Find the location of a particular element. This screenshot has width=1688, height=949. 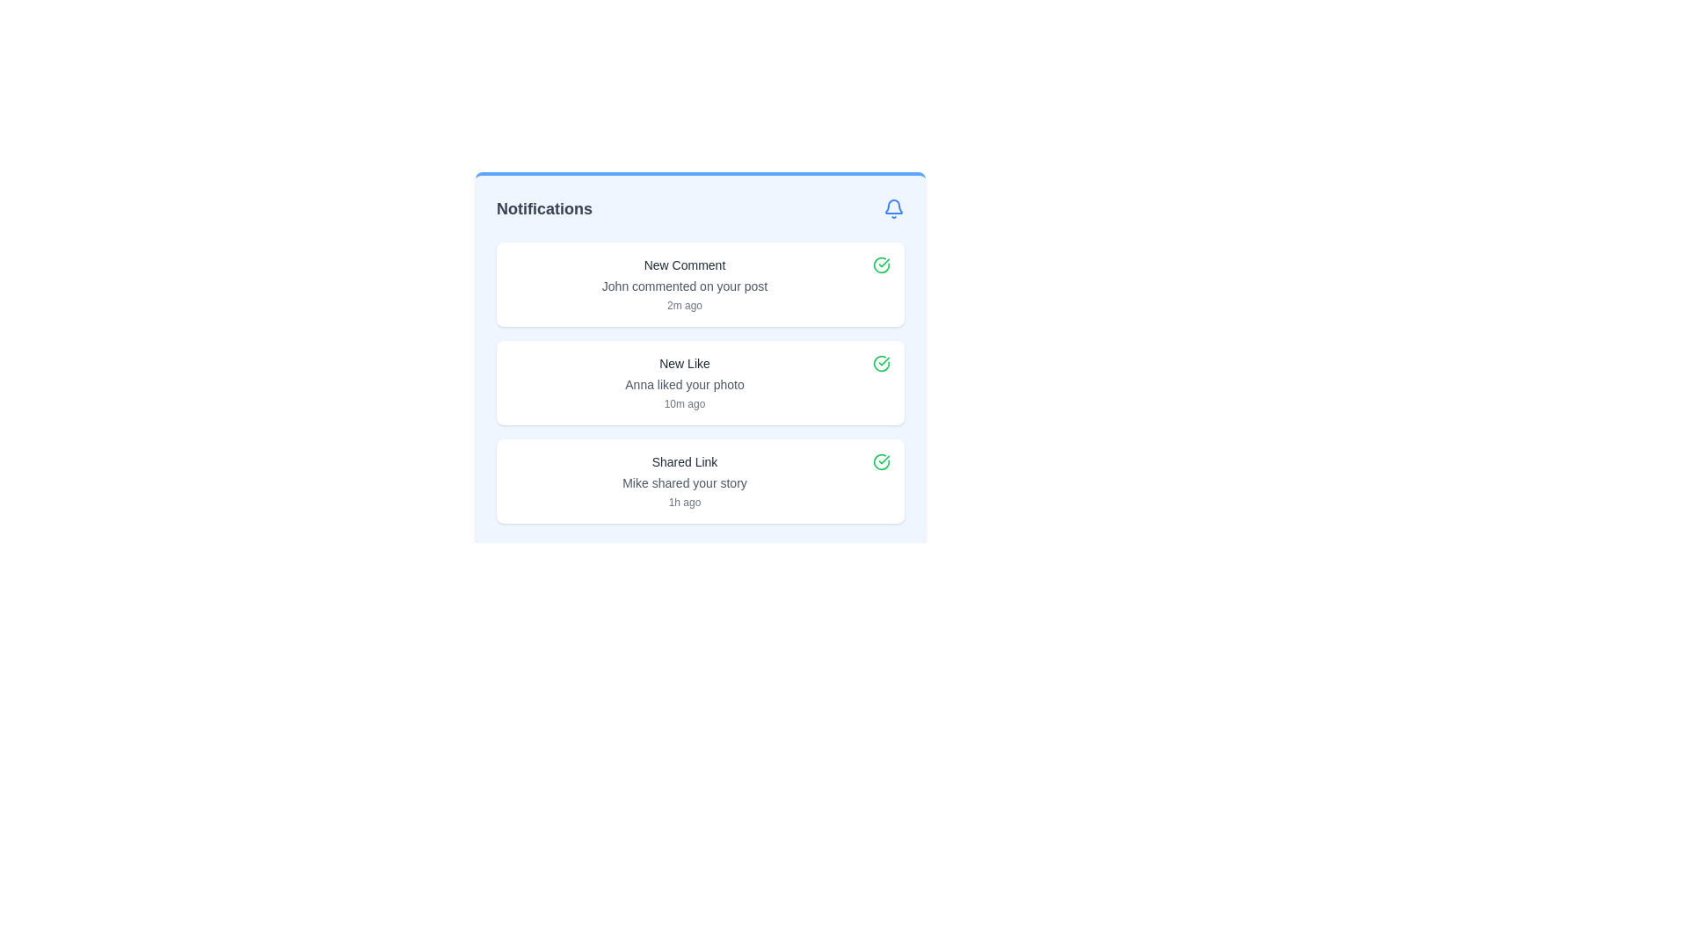

the interactive acknowledgment icon at the bottom-right corner of the 'Shared Link - Mike shared your story - 1h ago' notification card to change its color is located at coordinates (882, 460).